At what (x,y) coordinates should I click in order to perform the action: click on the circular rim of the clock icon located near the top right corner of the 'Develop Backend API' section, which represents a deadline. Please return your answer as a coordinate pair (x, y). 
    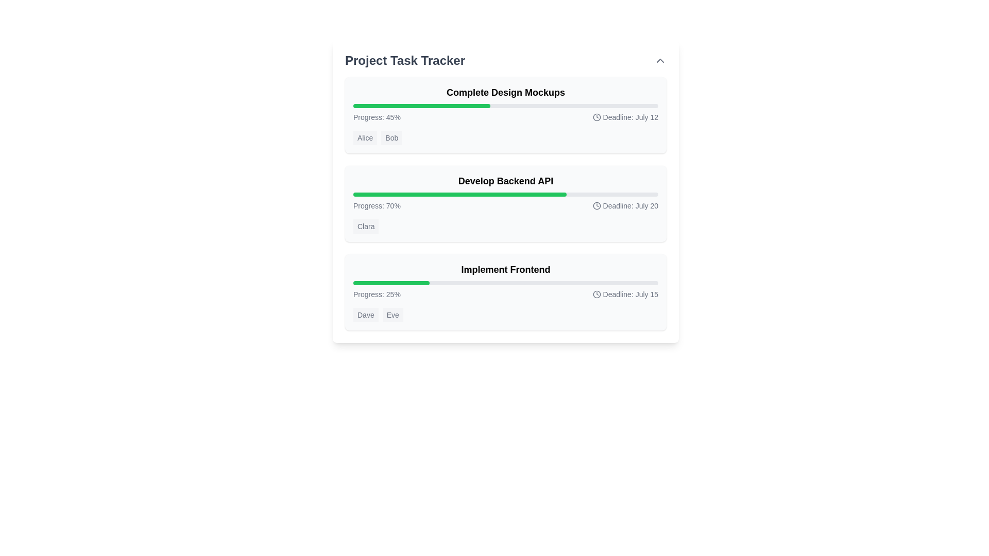
    Looking at the image, I should click on (596, 206).